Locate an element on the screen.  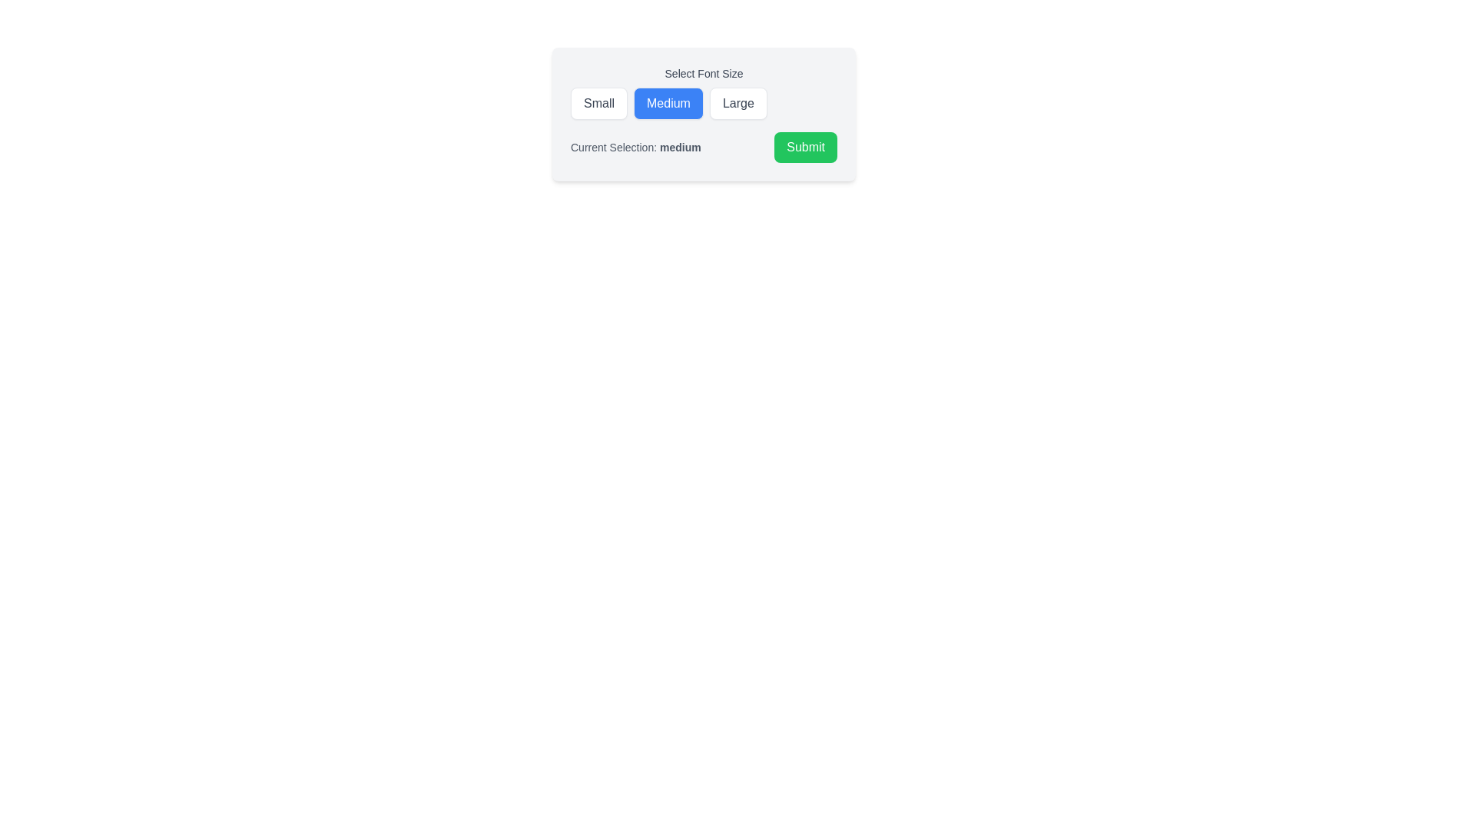
the font size selector buttons is located at coordinates (703, 92).